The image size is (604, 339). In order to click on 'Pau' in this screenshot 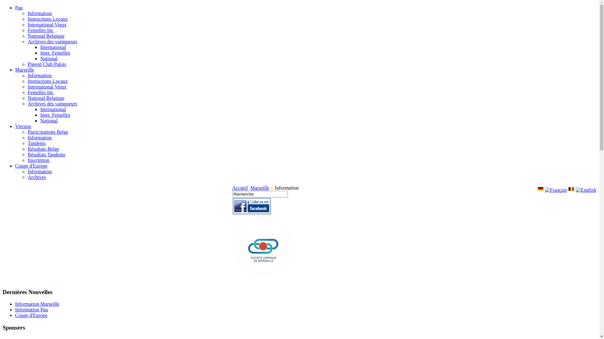, I will do `click(19, 8)`.